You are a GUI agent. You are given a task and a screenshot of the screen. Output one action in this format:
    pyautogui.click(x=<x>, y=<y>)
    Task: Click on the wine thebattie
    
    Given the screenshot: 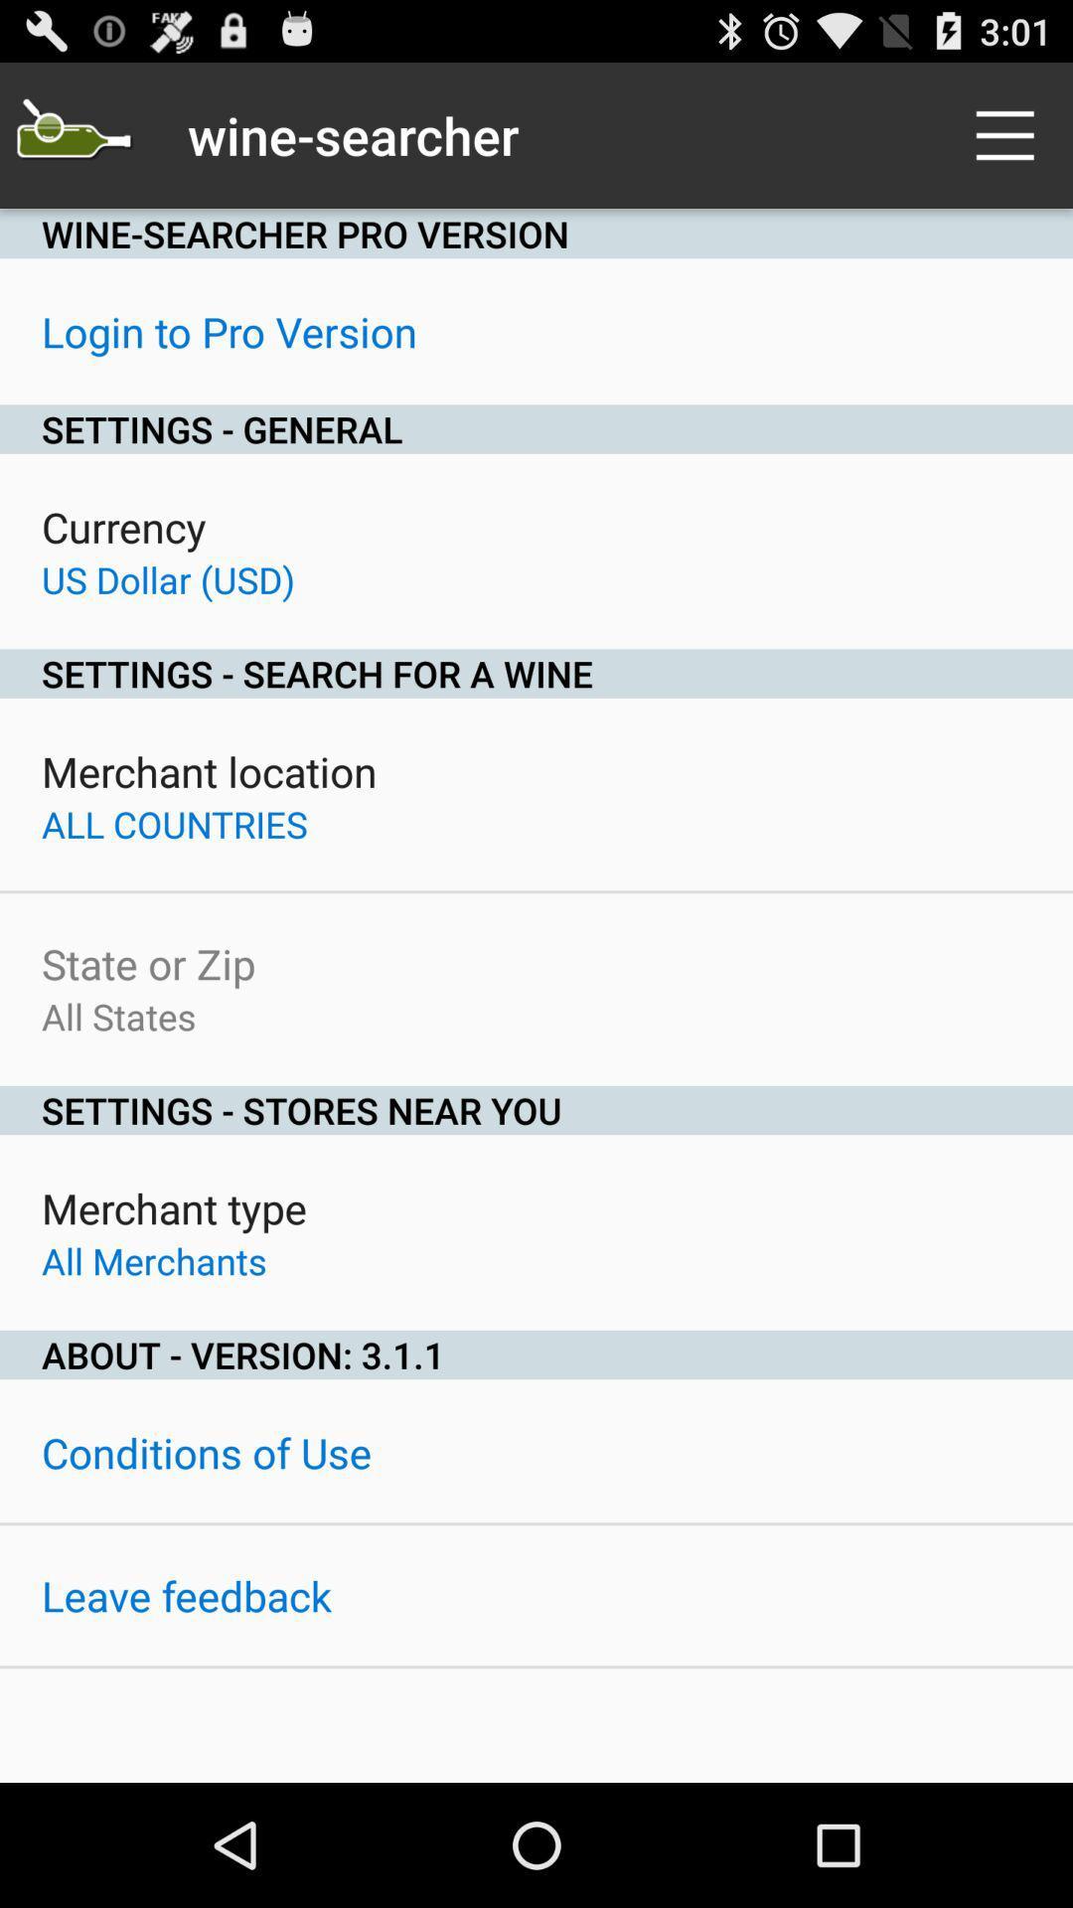 What is the action you would take?
    pyautogui.click(x=72, y=134)
    